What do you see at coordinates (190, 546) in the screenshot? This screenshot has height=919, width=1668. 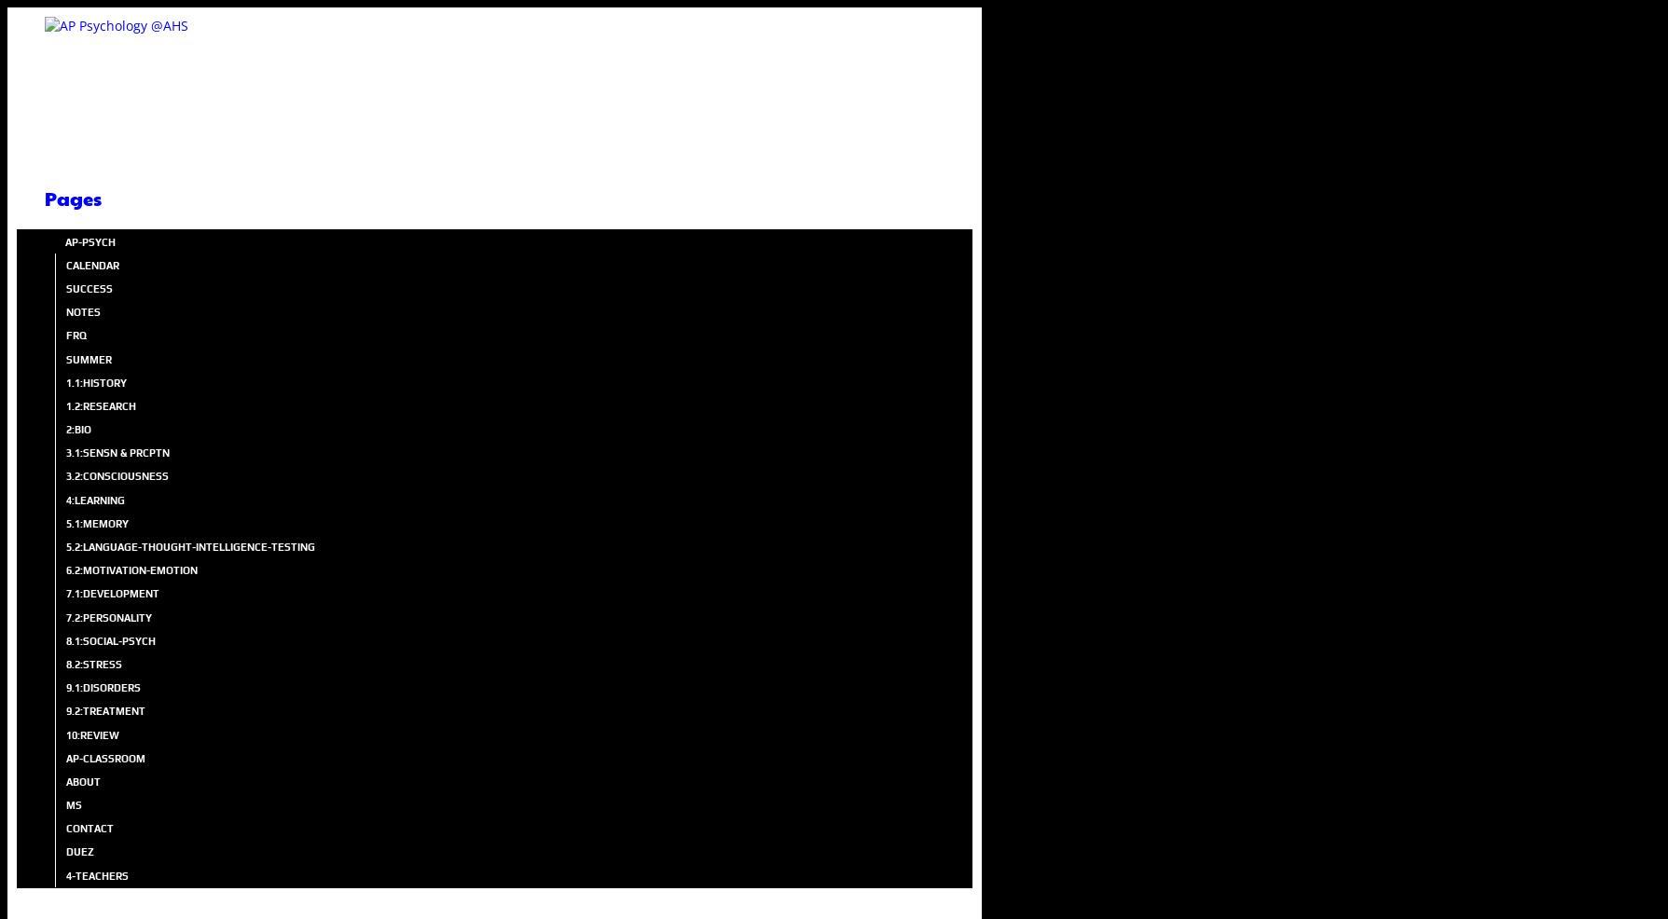 I see `'5.2:LANGUAGE-THOUGHT-INTELLIGENCE-TESTING'` at bounding box center [190, 546].